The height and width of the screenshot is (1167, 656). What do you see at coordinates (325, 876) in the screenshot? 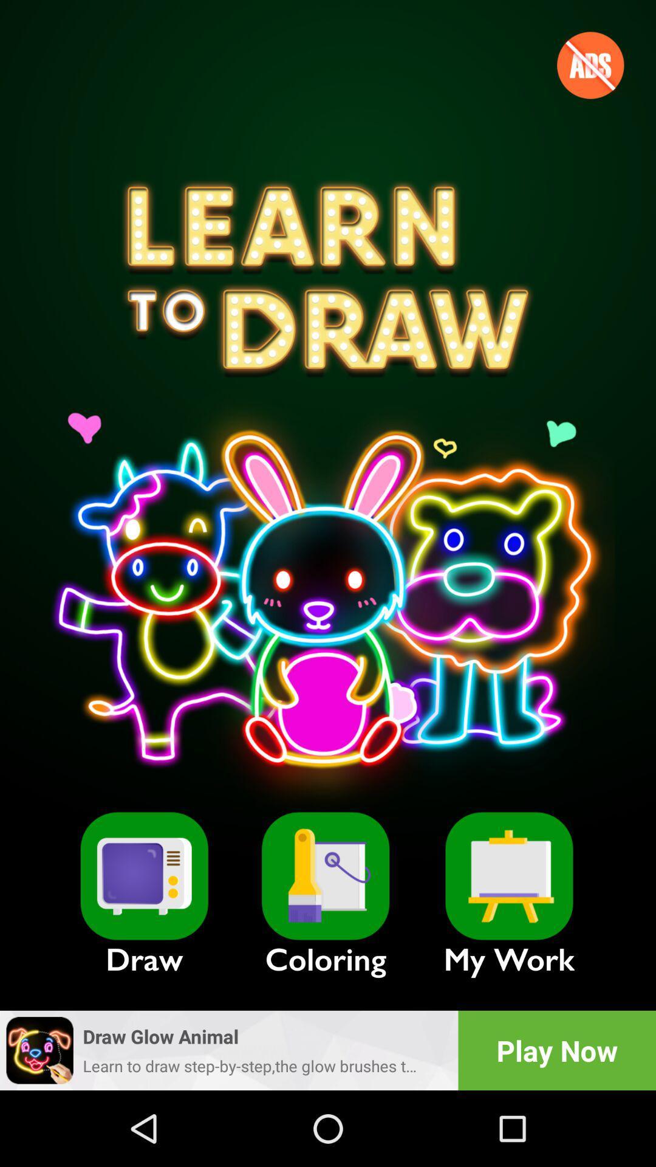
I see `icon to the left of my work icon` at bounding box center [325, 876].